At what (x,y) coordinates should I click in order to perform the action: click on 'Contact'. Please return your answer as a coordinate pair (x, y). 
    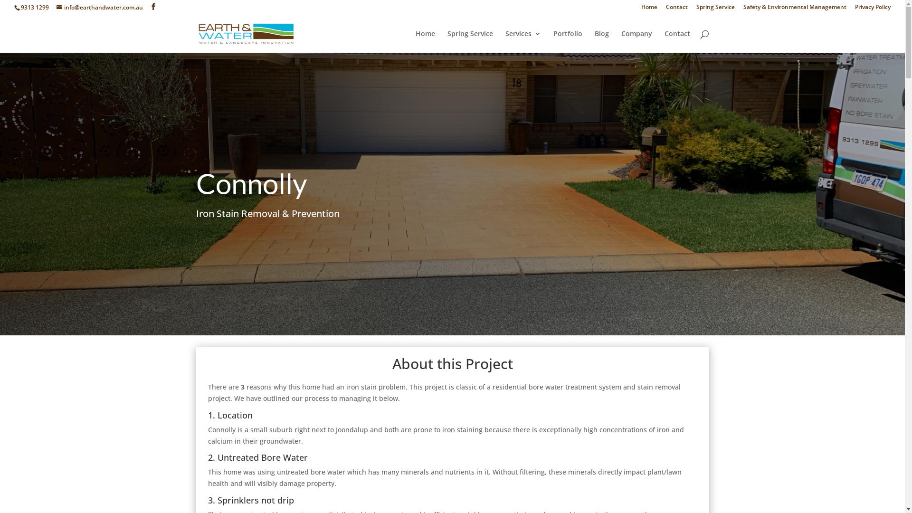
    Looking at the image, I should click on (665, 9).